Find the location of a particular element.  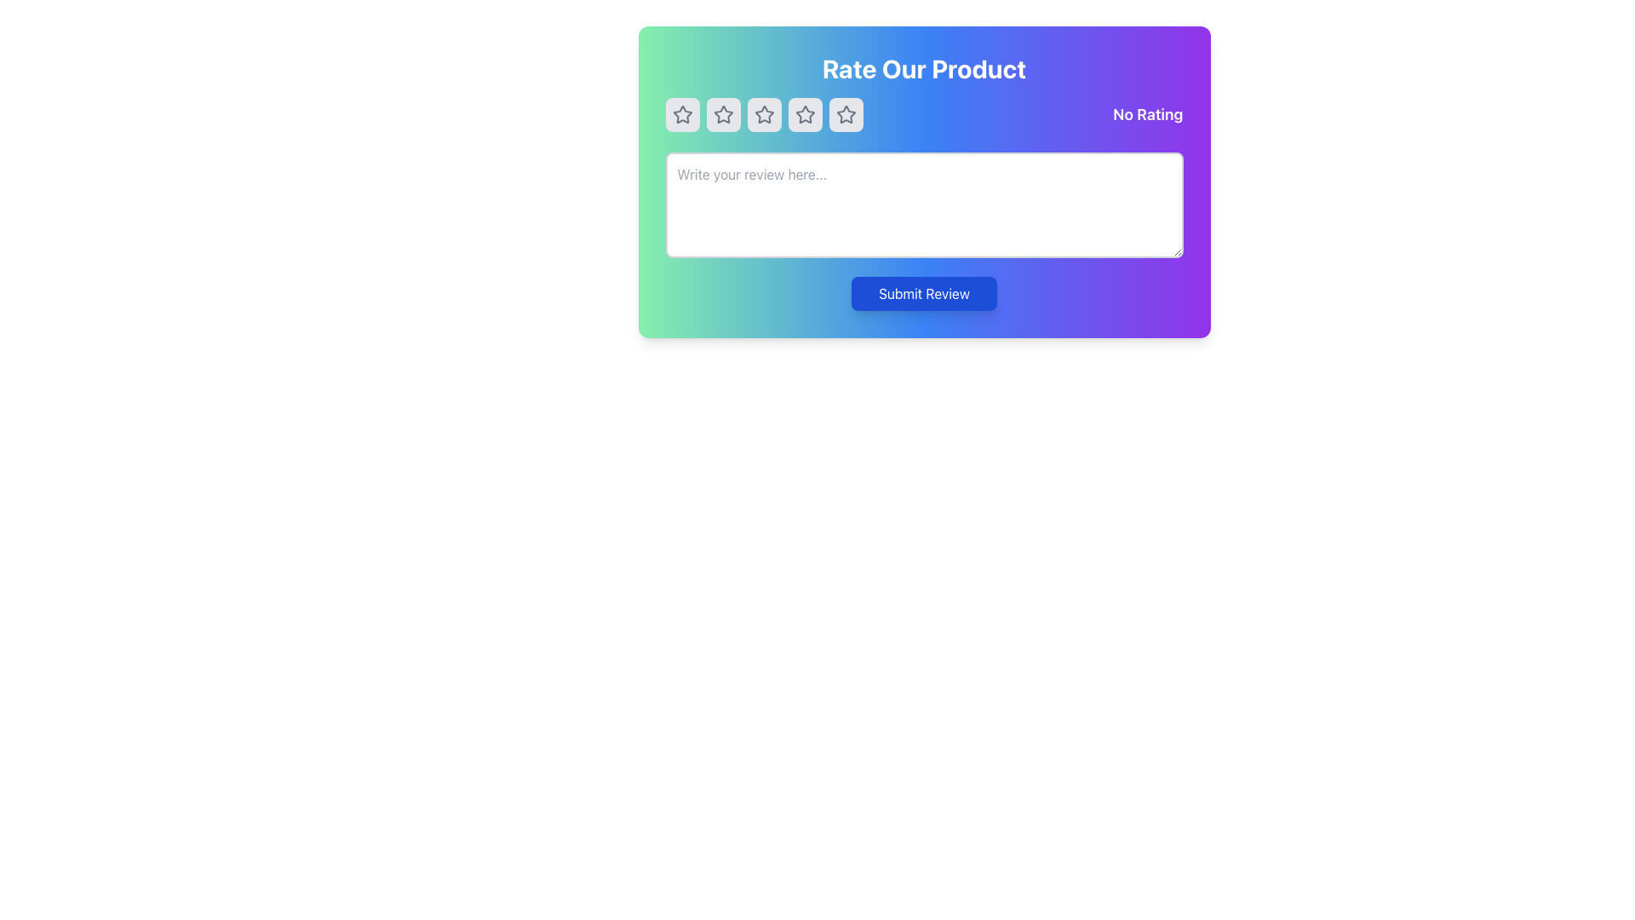

the second star in the rating row is located at coordinates (723, 114).